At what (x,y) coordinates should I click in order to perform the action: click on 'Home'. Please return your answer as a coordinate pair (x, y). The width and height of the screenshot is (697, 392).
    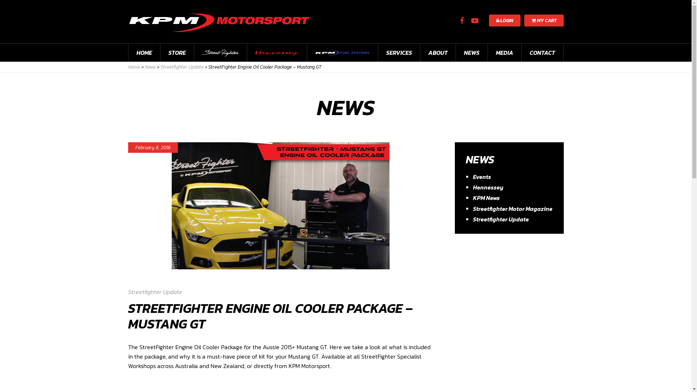
    Looking at the image, I should click on (134, 66).